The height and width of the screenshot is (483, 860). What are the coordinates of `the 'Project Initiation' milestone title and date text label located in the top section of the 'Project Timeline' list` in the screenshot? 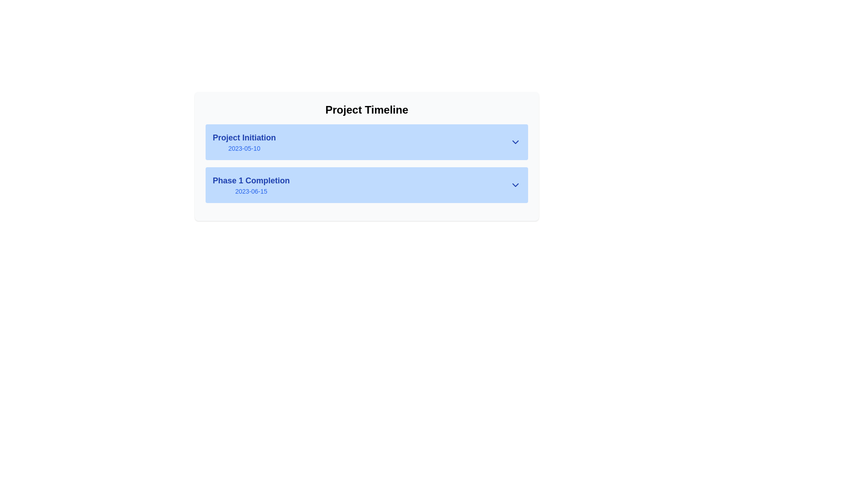 It's located at (244, 141).